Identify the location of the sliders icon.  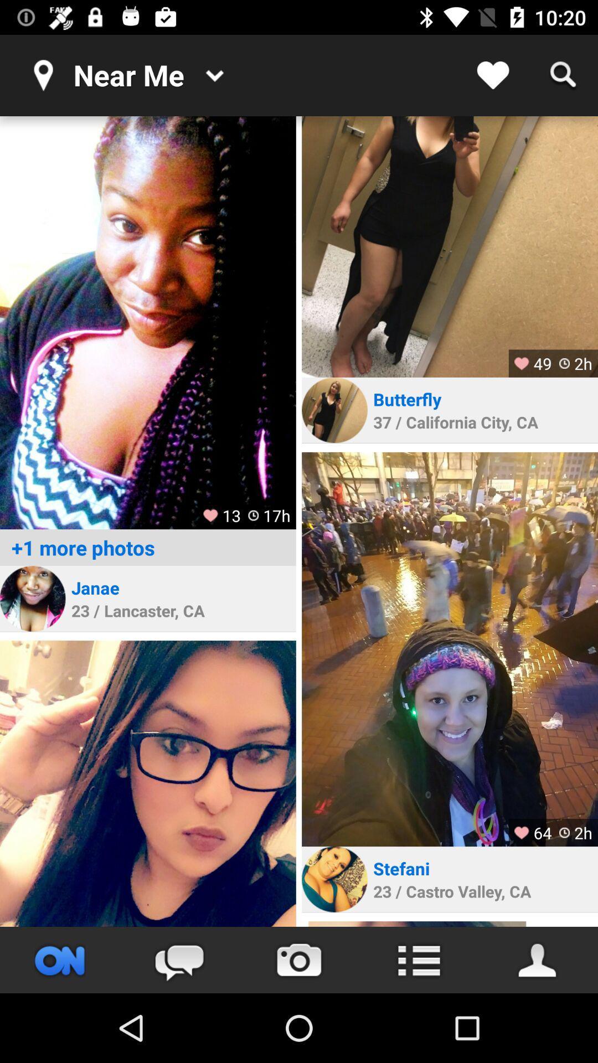
(60, 959).